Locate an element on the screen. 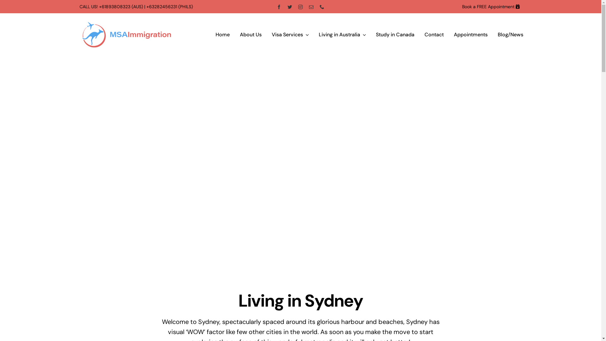 Image resolution: width=606 pixels, height=341 pixels. 'Instagram' is located at coordinates (300, 6).